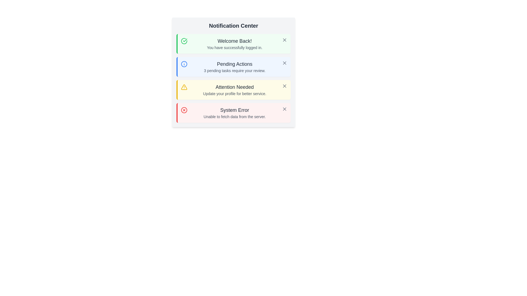 The height and width of the screenshot is (296, 527). I want to click on the actions associated with the 'System Error' notification message located in the Notification Center, positioned at the bottom of the vertical notification list, so click(234, 113).